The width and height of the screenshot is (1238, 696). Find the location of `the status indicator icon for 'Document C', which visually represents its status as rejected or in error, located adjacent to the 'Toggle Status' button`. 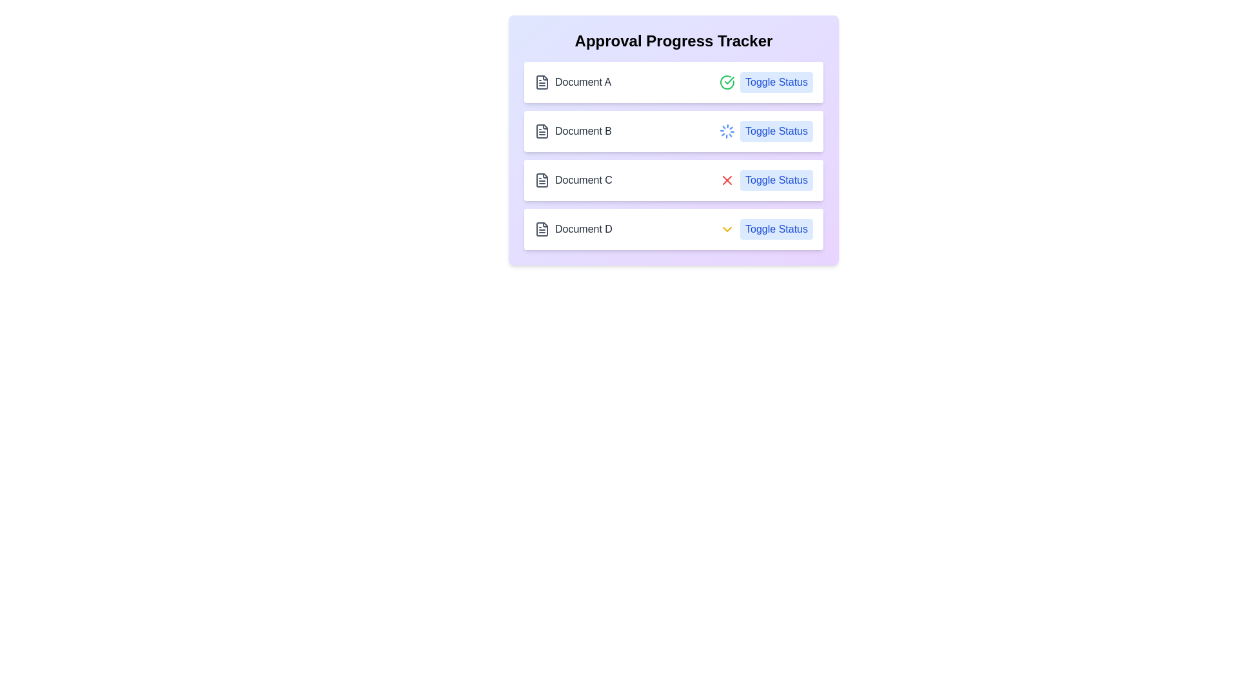

the status indicator icon for 'Document C', which visually represents its status as rejected or in error, located adjacent to the 'Toggle Status' button is located at coordinates (727, 180).